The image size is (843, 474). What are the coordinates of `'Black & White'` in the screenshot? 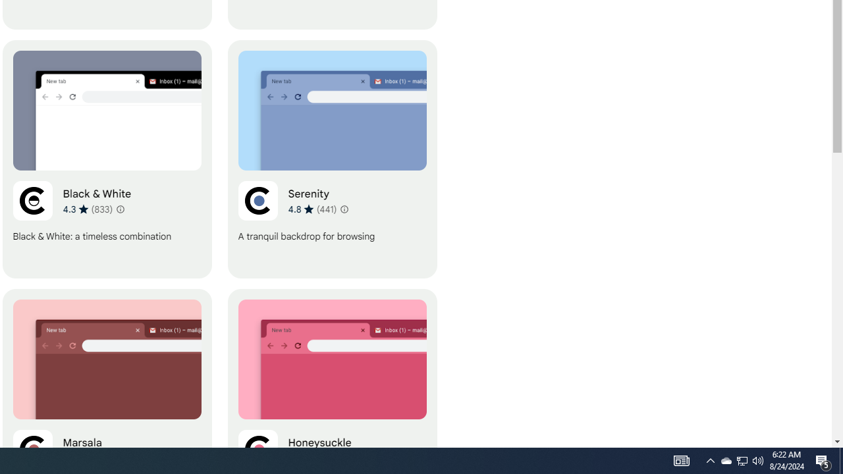 It's located at (107, 159).